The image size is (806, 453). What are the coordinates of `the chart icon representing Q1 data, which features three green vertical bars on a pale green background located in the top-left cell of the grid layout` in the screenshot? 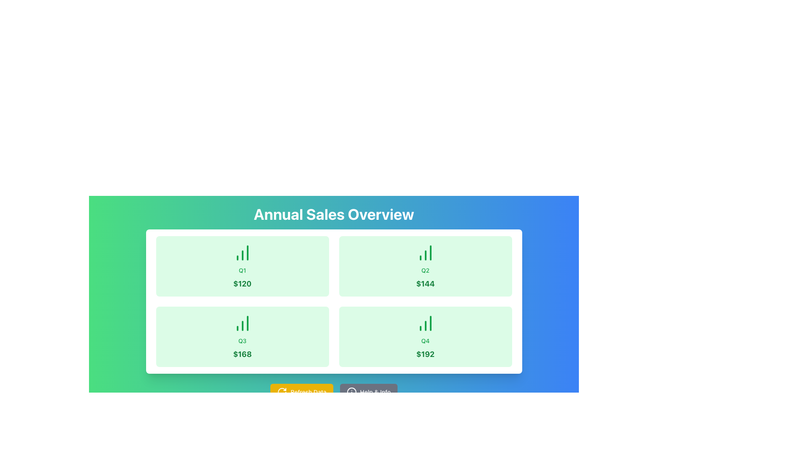 It's located at (242, 252).